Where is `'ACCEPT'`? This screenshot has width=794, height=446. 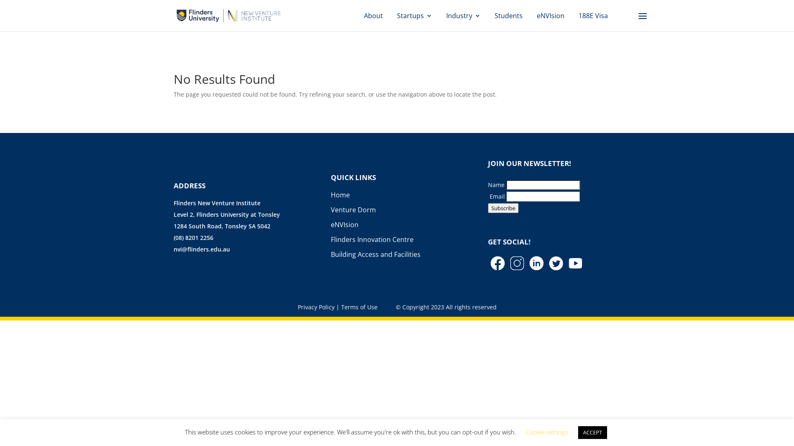
'ACCEPT' is located at coordinates (592, 432).